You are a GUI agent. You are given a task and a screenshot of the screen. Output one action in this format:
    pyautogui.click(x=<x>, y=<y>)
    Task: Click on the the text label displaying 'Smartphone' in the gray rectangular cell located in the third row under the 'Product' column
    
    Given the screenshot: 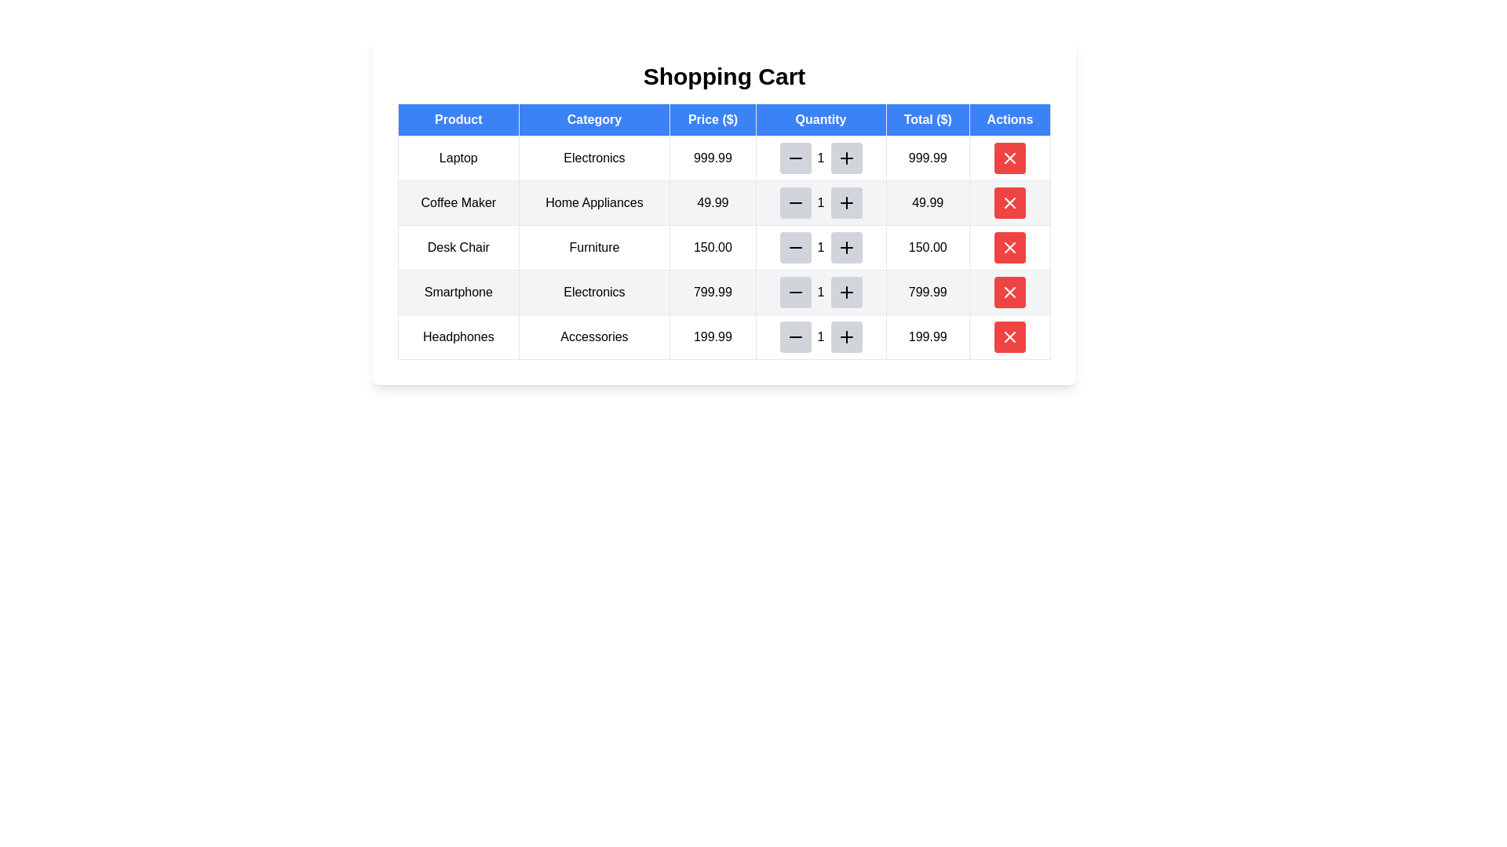 What is the action you would take?
    pyautogui.click(x=458, y=293)
    